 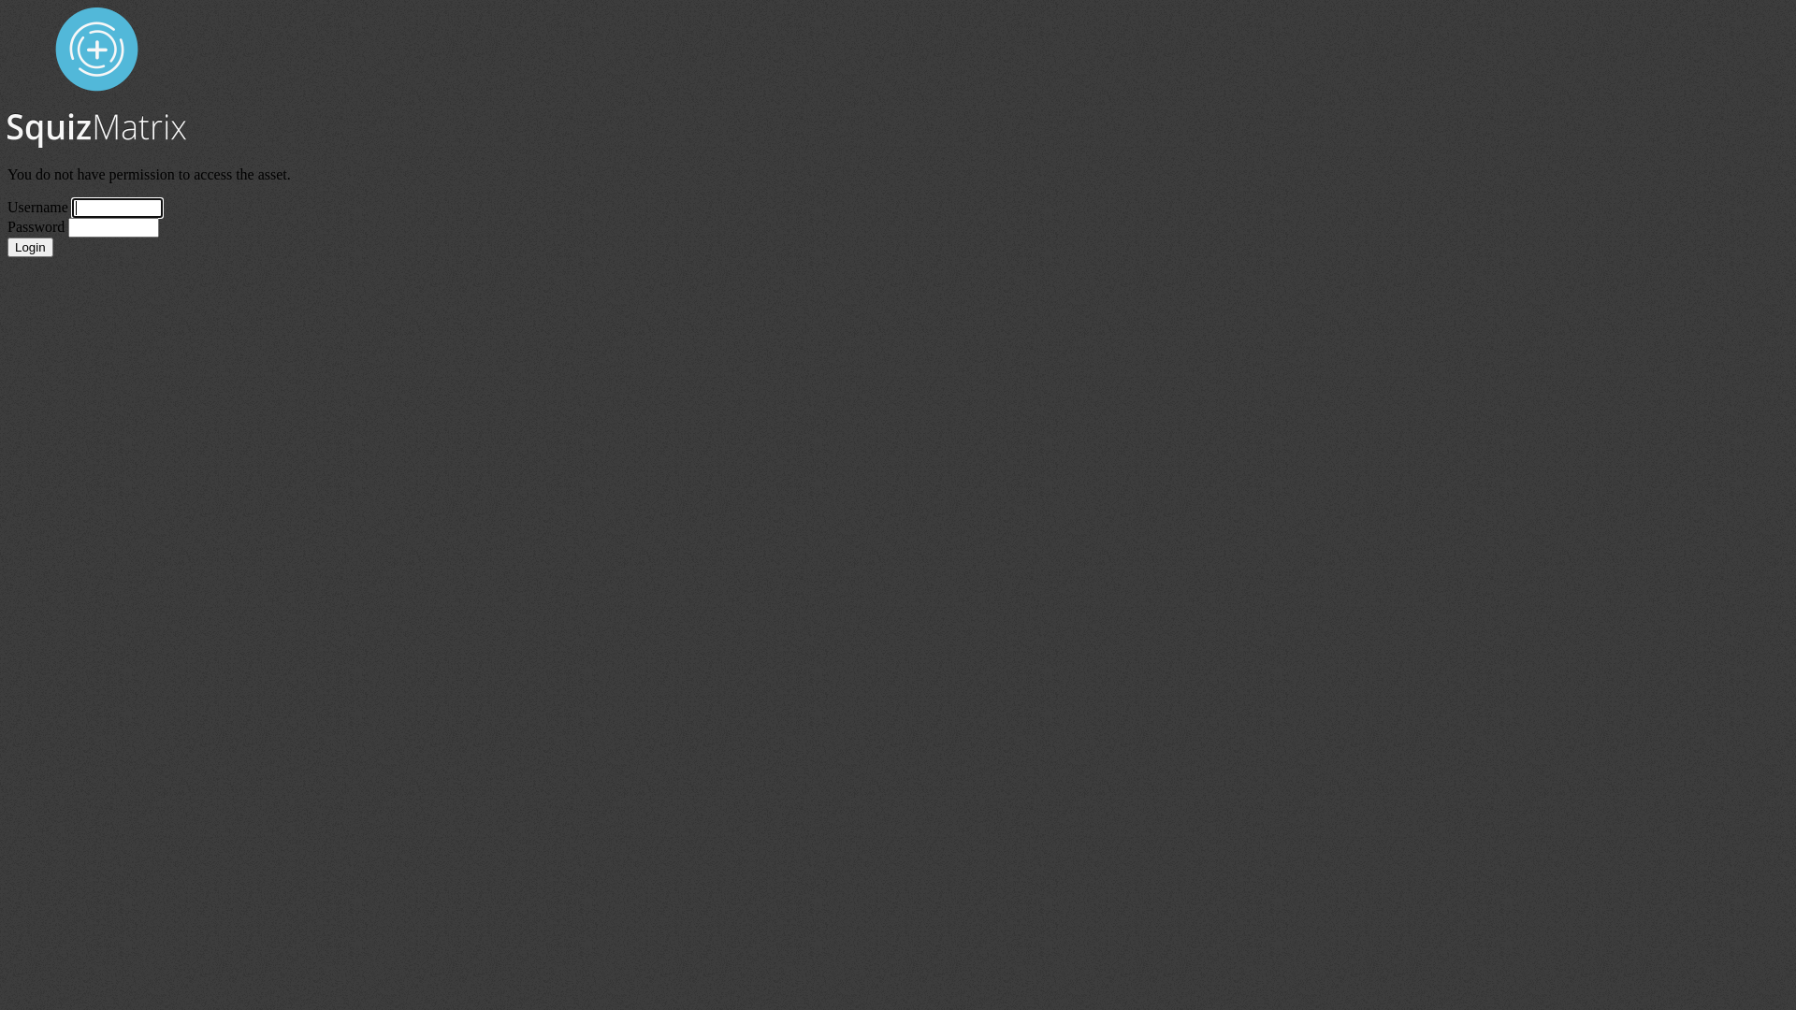 I want to click on 'Login', so click(x=30, y=246).